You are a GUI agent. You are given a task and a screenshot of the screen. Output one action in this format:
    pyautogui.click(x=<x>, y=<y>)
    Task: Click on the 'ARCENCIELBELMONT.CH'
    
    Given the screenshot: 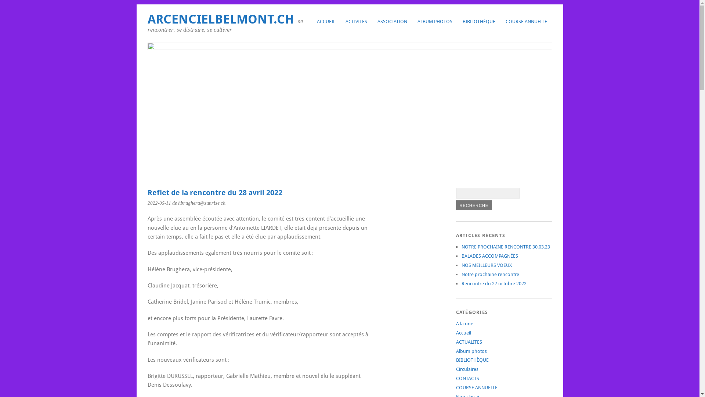 What is the action you would take?
    pyautogui.click(x=220, y=19)
    